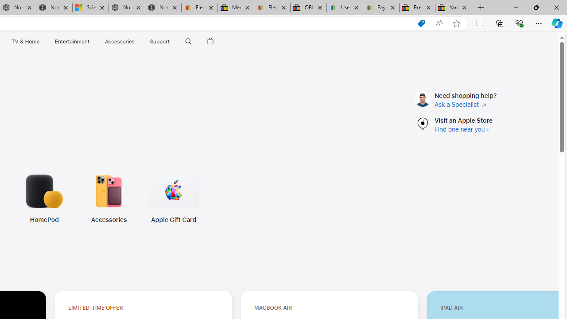  I want to click on 'User Privacy Notice | eBay', so click(344, 8).